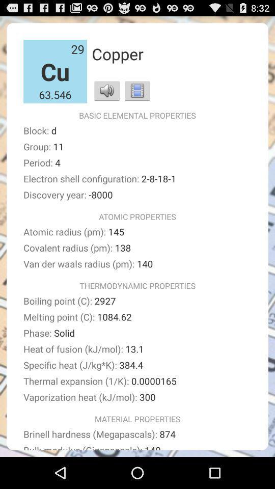 The width and height of the screenshot is (275, 489). Describe the element at coordinates (106, 97) in the screenshot. I see `the volume icon` at that location.